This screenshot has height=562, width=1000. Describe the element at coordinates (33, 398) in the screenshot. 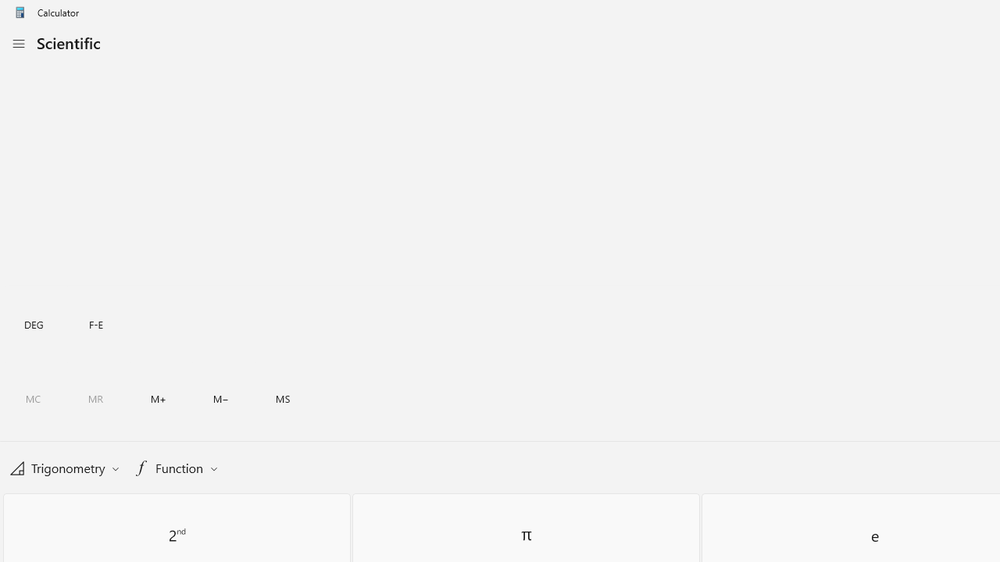

I see `'Clear all memory'` at that location.